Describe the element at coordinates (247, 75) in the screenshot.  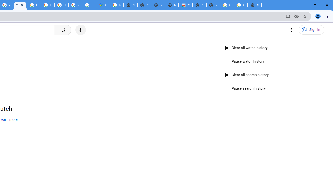
I see `'Clear all search history'` at that location.